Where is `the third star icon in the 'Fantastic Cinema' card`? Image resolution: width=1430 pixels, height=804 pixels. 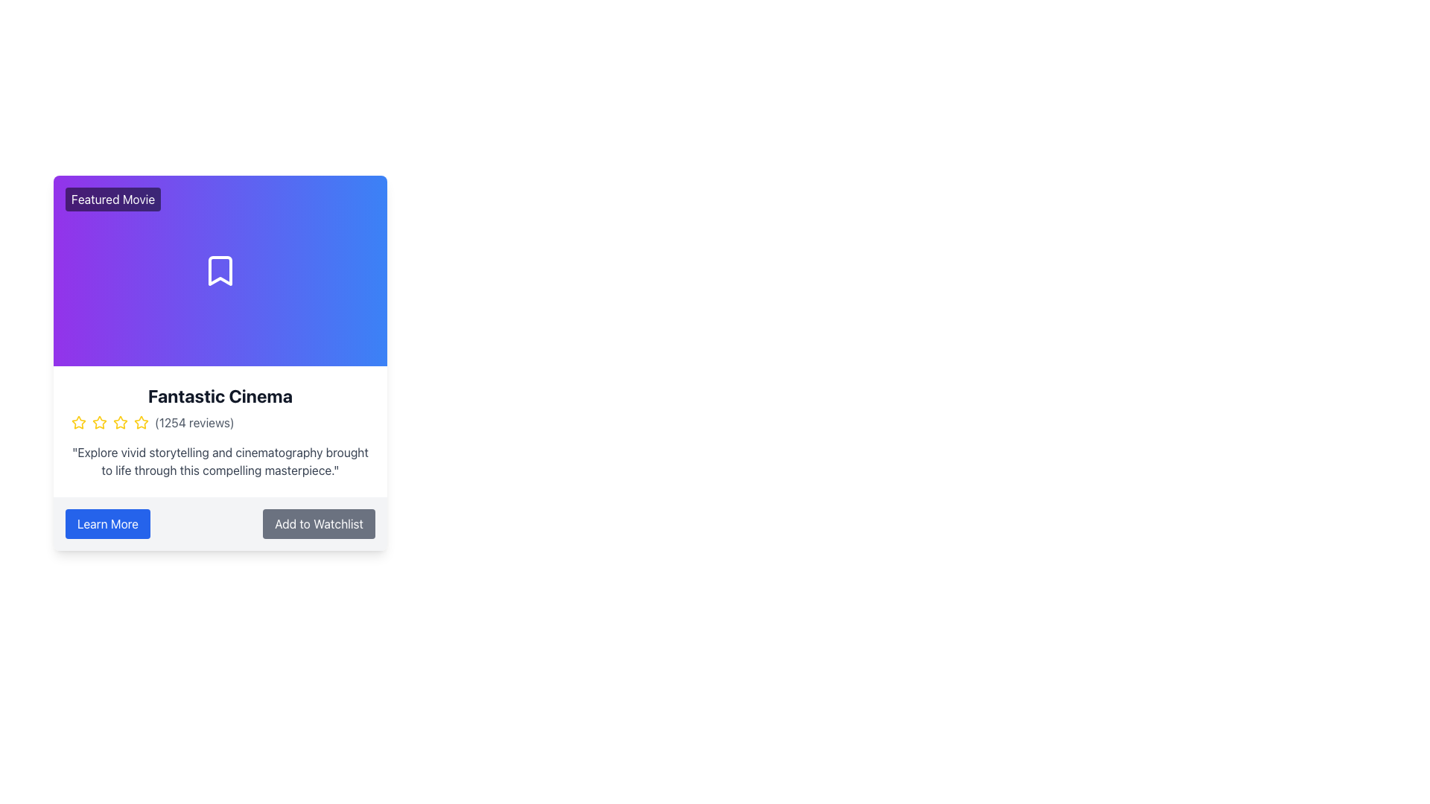
the third star icon in the 'Fantastic Cinema' card is located at coordinates (142, 422).